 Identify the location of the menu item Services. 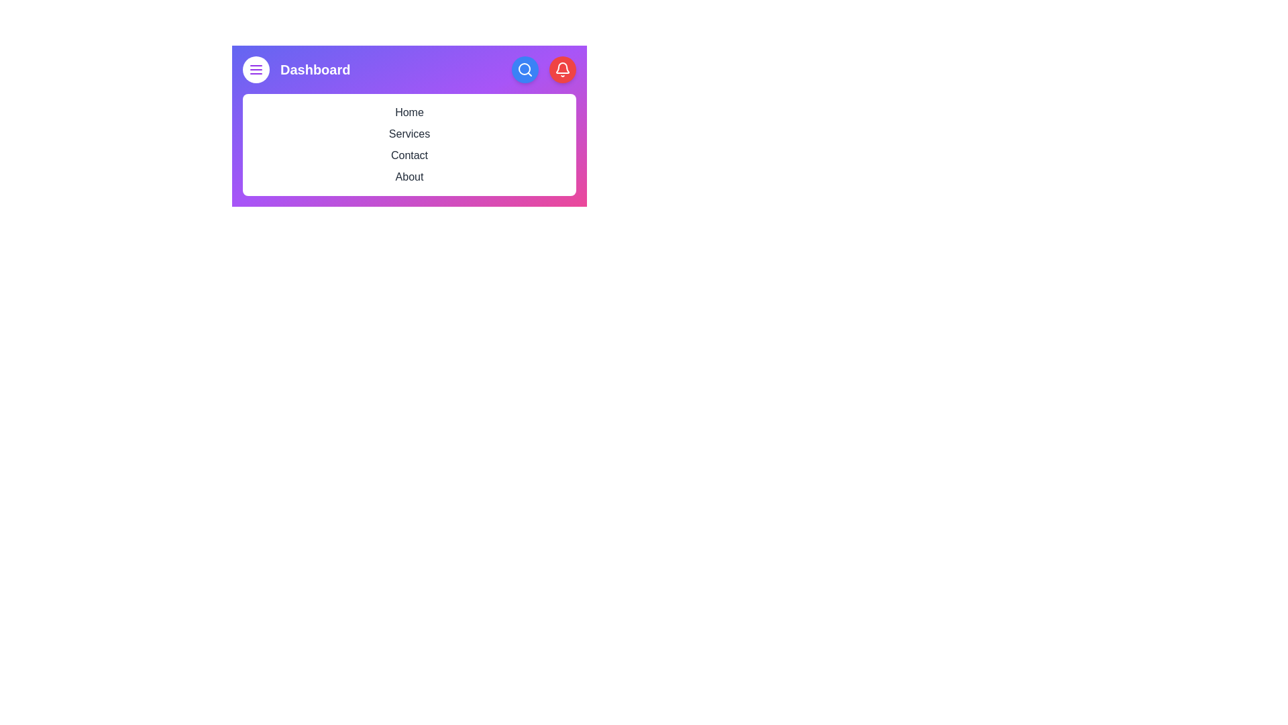
(409, 134).